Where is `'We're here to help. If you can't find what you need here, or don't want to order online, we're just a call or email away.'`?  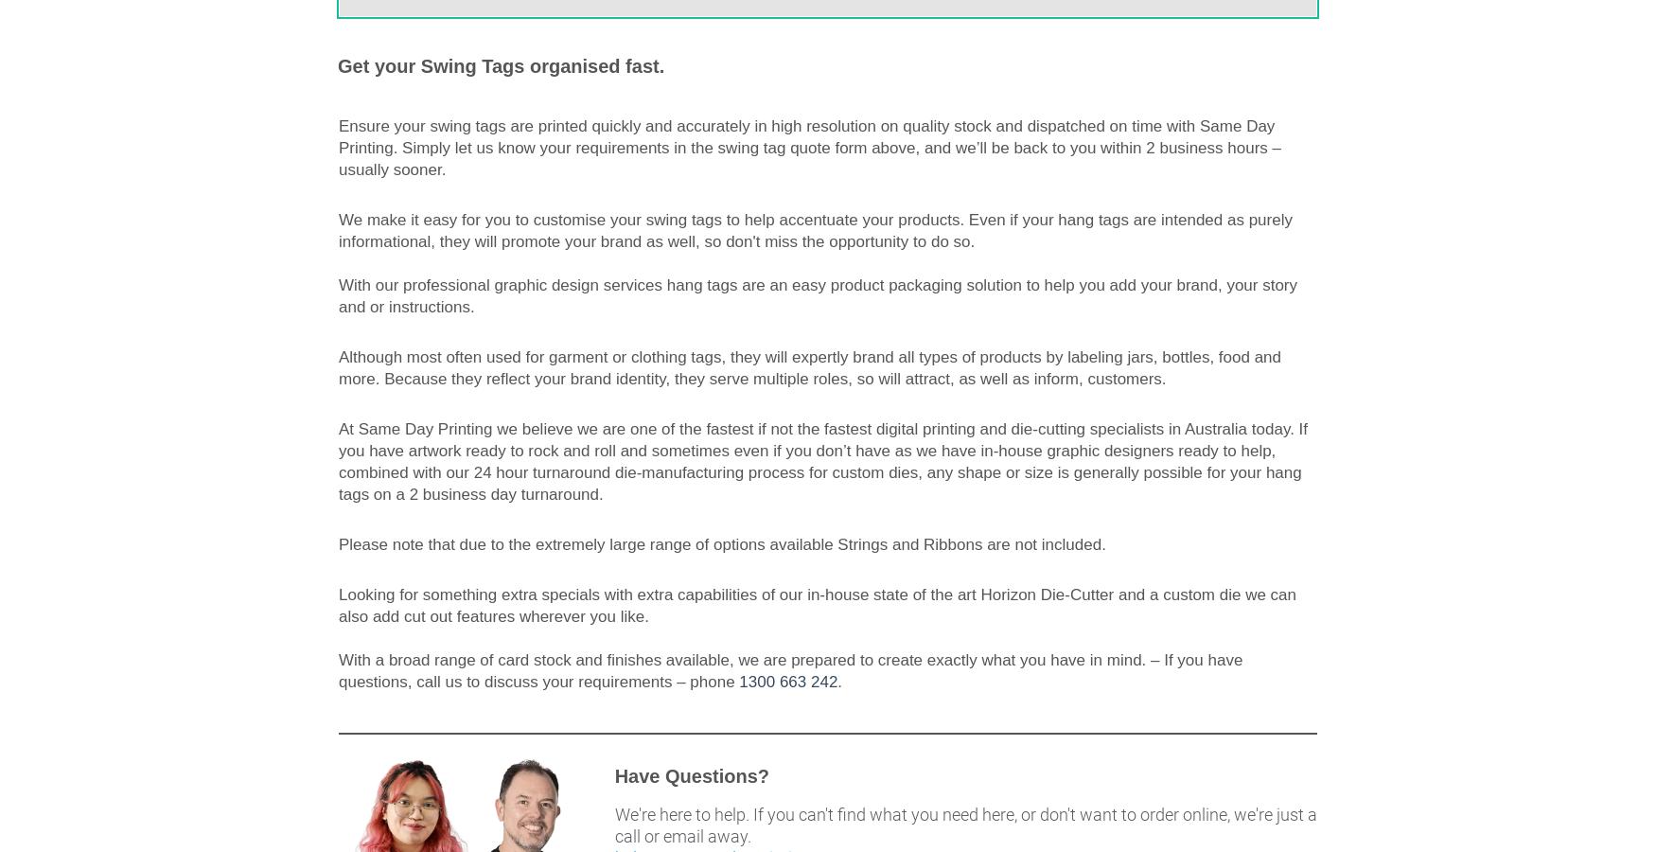
'We're here to help. If you can't find what you need here, or don't want to order online, we're just a call or email away.' is located at coordinates (964, 825).